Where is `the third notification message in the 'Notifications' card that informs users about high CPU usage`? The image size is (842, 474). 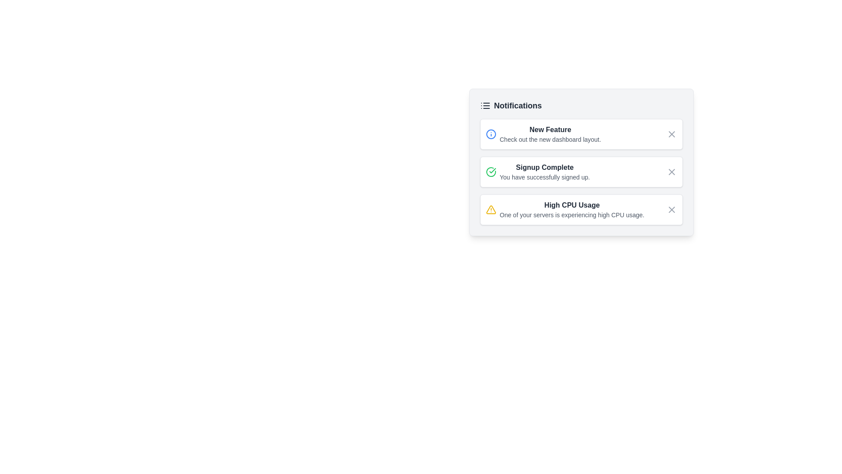 the third notification message in the 'Notifications' card that informs users about high CPU usage is located at coordinates (572, 210).